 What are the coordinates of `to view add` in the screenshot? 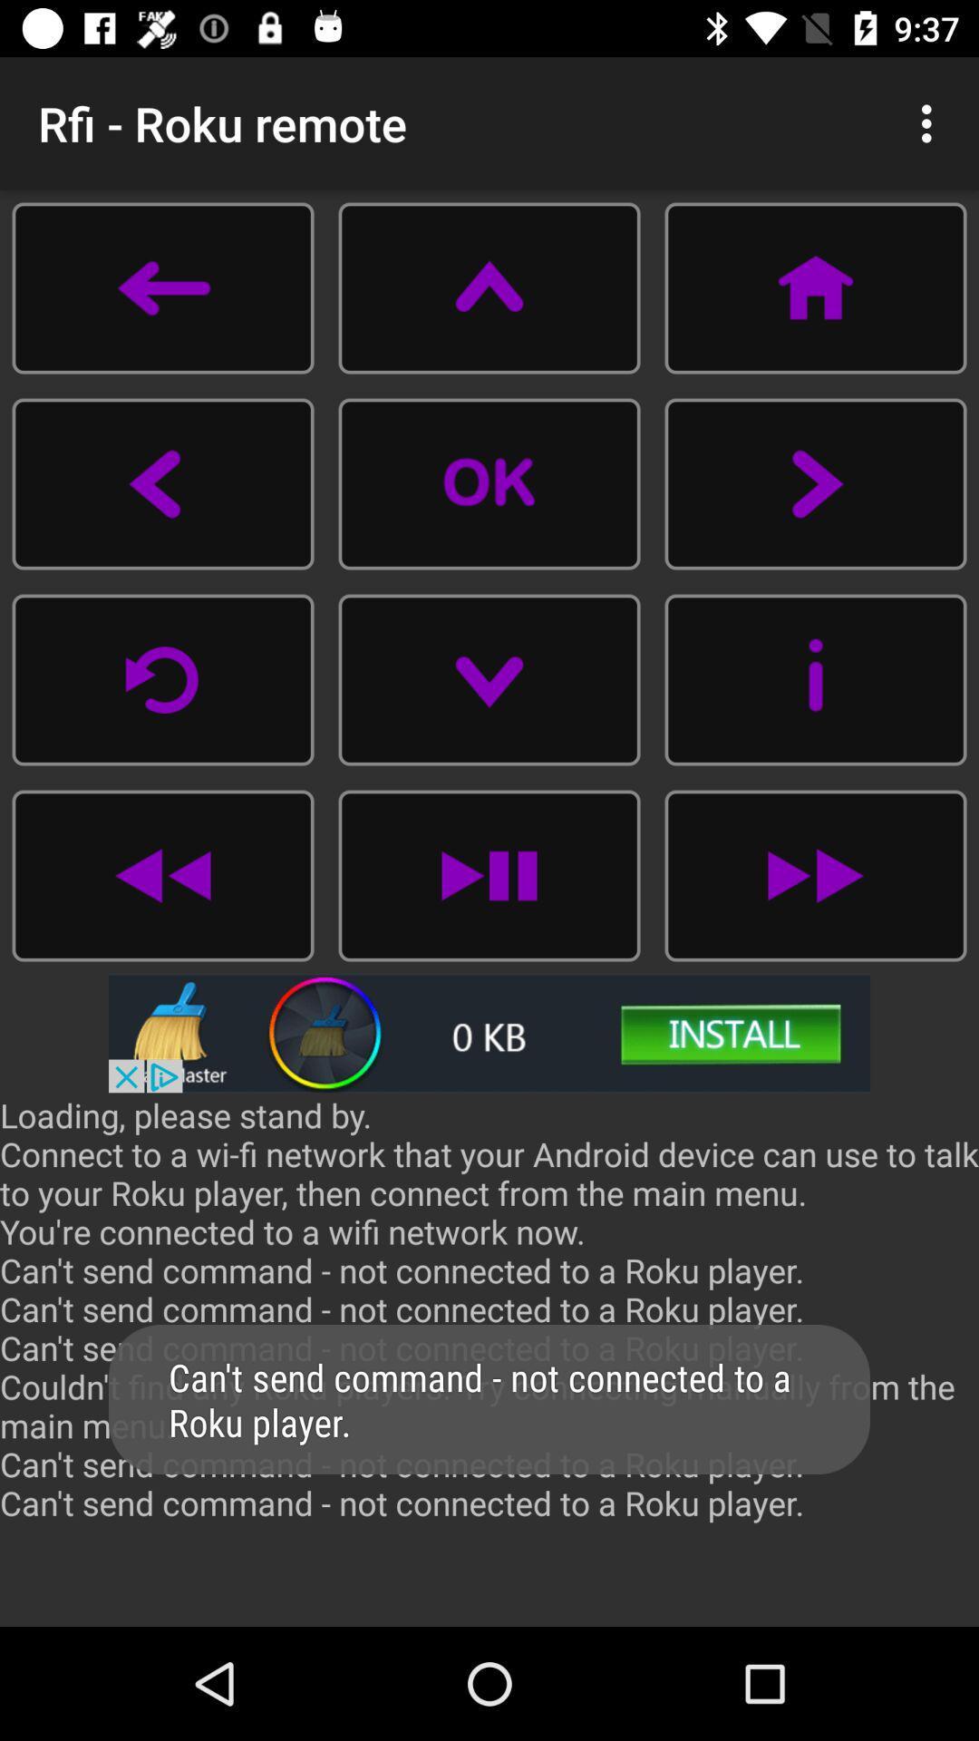 It's located at (489, 1033).